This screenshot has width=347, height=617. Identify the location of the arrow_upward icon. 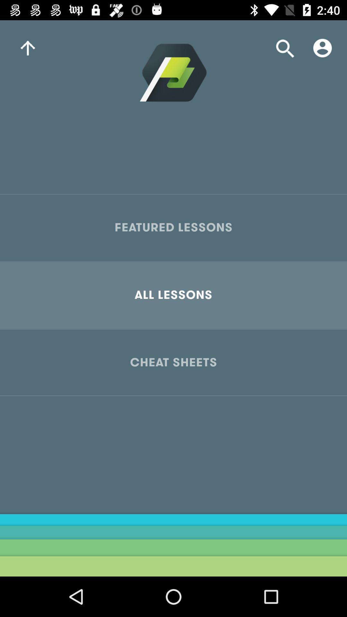
(27, 48).